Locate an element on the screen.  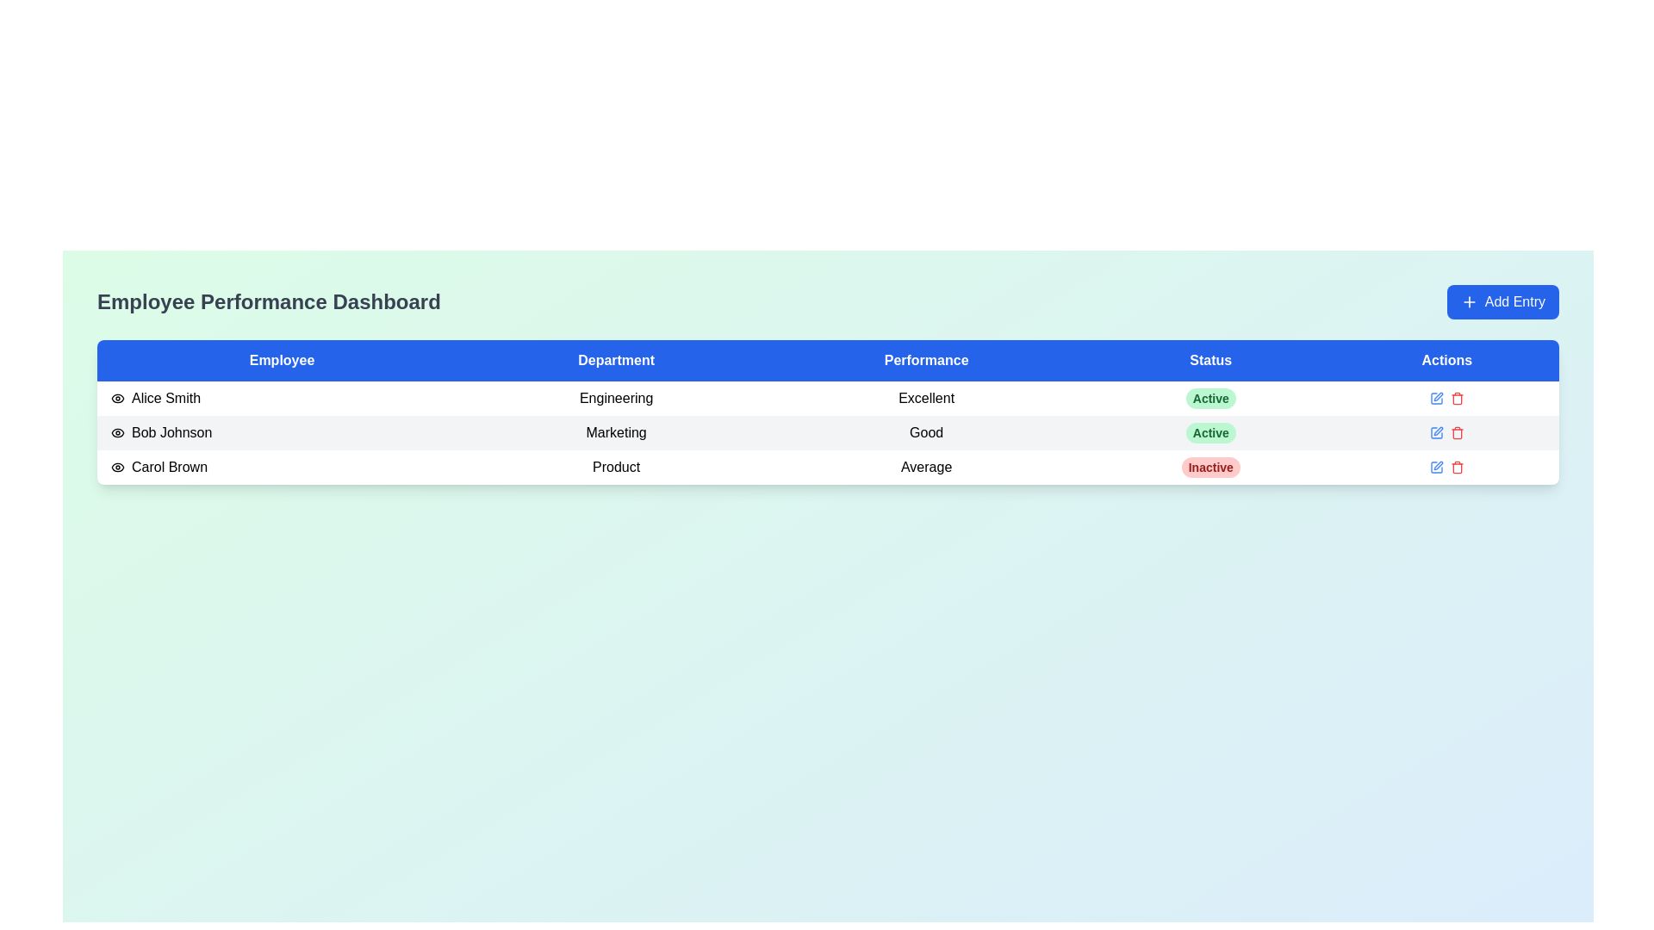
text content of the centered text label displaying 'Product' located in the third row of the tabular layout under the 'Department' column is located at coordinates (616, 468).